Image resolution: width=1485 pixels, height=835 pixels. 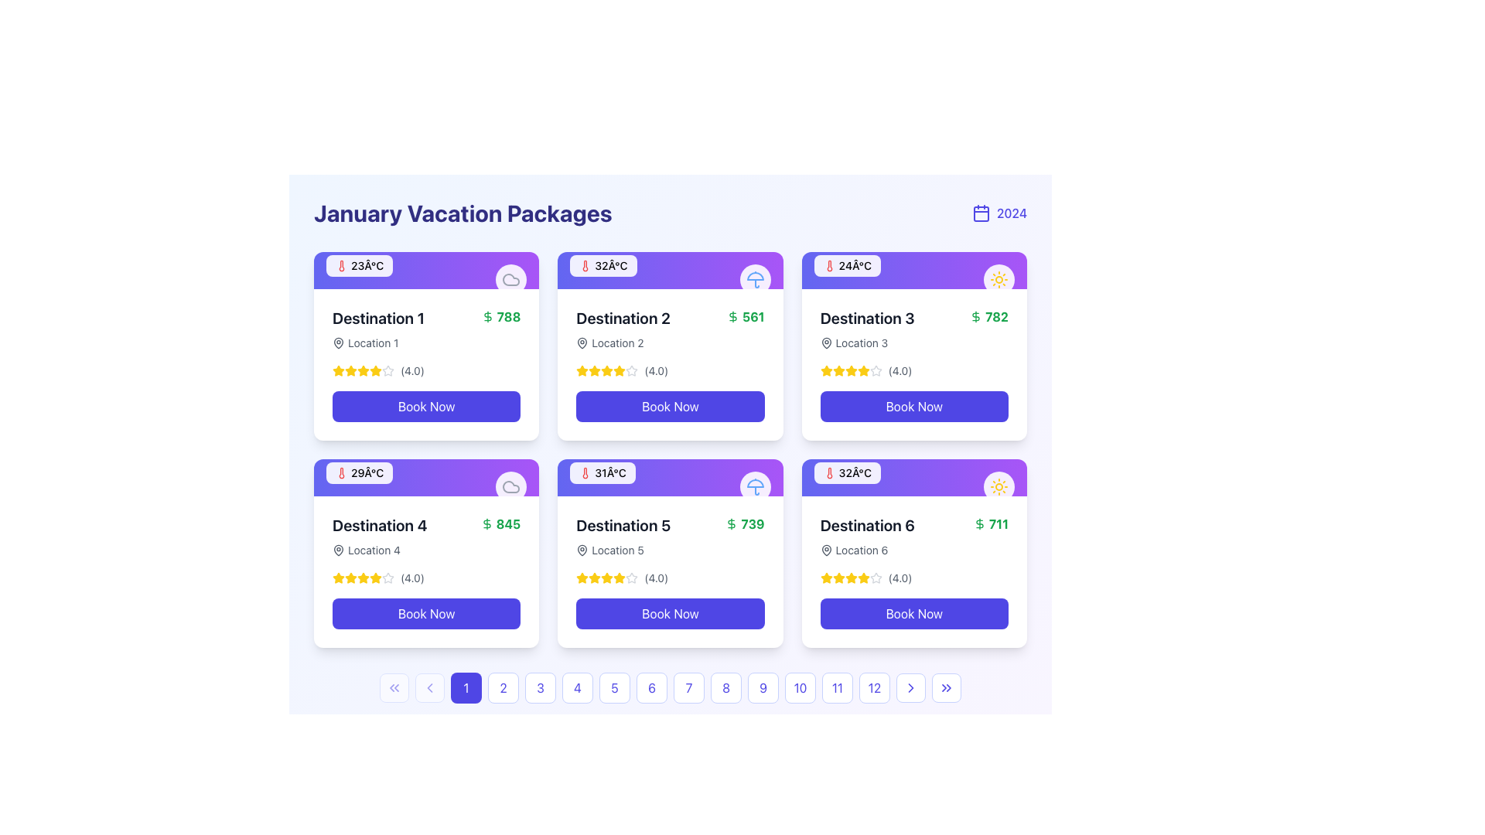 What do you see at coordinates (577, 687) in the screenshot?
I see `the fourth pagination button located at the bottom center of the interface` at bounding box center [577, 687].